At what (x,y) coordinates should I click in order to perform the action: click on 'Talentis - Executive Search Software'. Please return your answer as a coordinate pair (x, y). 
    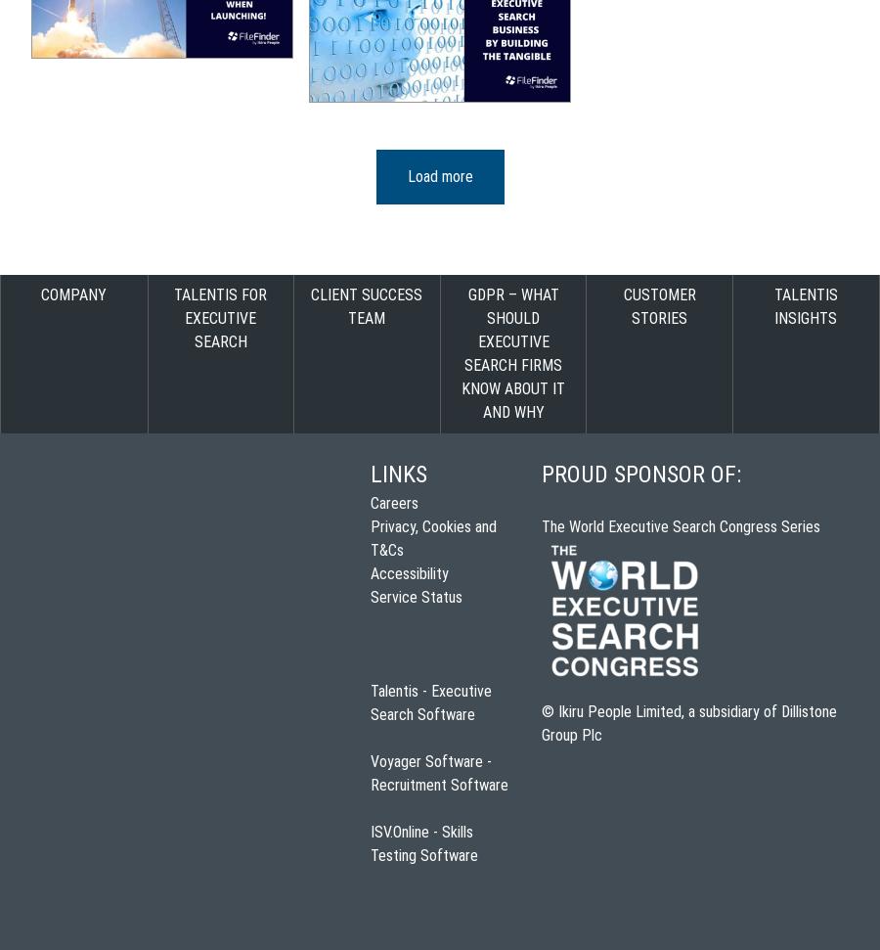
    Looking at the image, I should click on (431, 701).